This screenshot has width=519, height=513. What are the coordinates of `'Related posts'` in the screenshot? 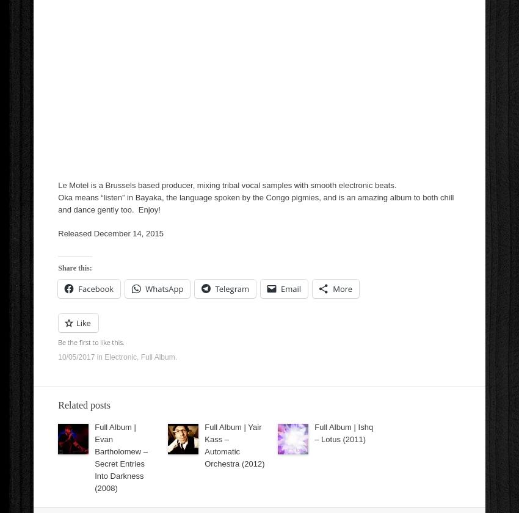 It's located at (84, 405).